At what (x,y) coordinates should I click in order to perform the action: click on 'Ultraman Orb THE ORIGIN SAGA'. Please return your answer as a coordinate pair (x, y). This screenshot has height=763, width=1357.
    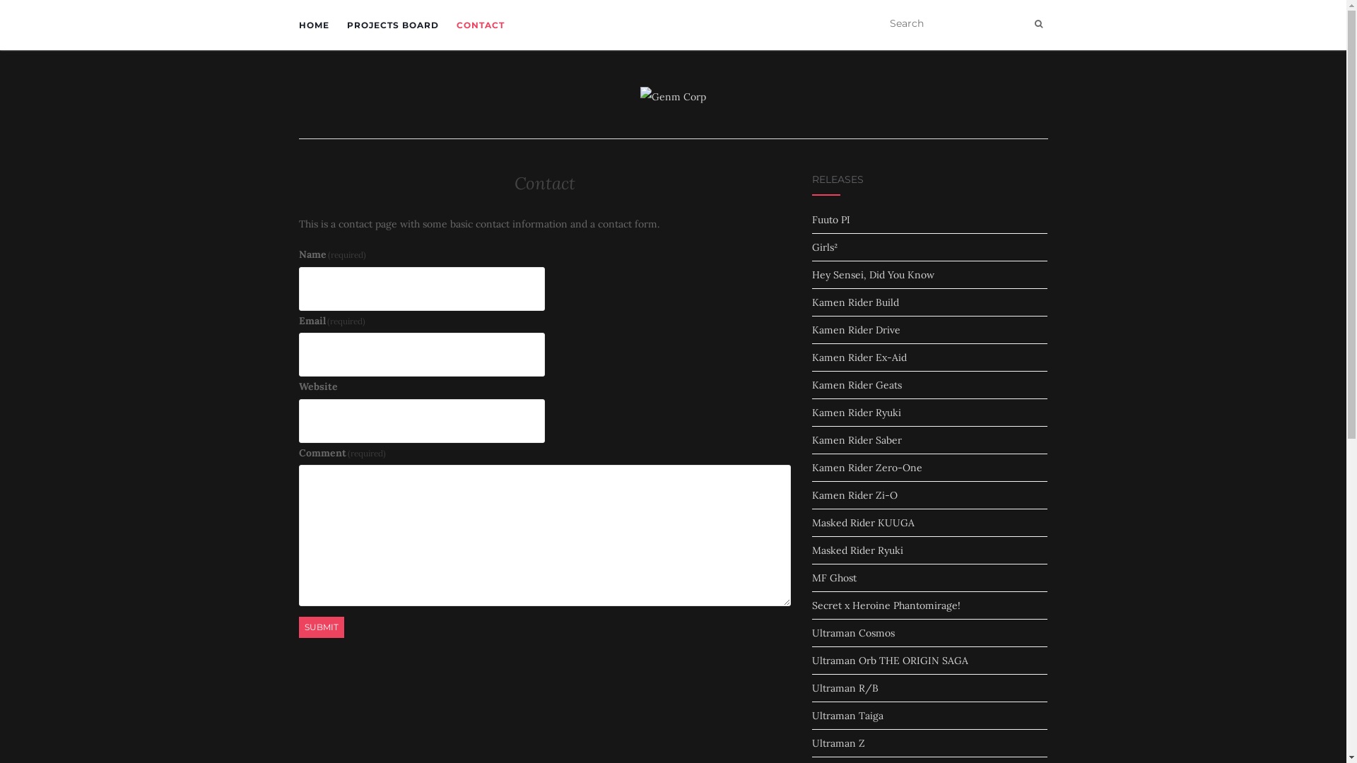
    Looking at the image, I should click on (889, 660).